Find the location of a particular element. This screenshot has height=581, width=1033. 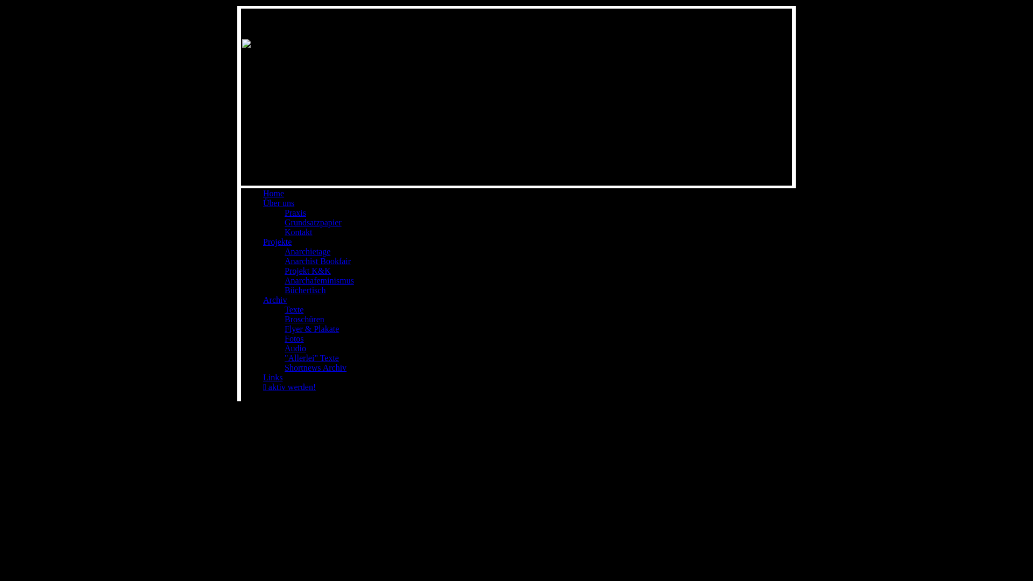

'Praxis' is located at coordinates (295, 212).